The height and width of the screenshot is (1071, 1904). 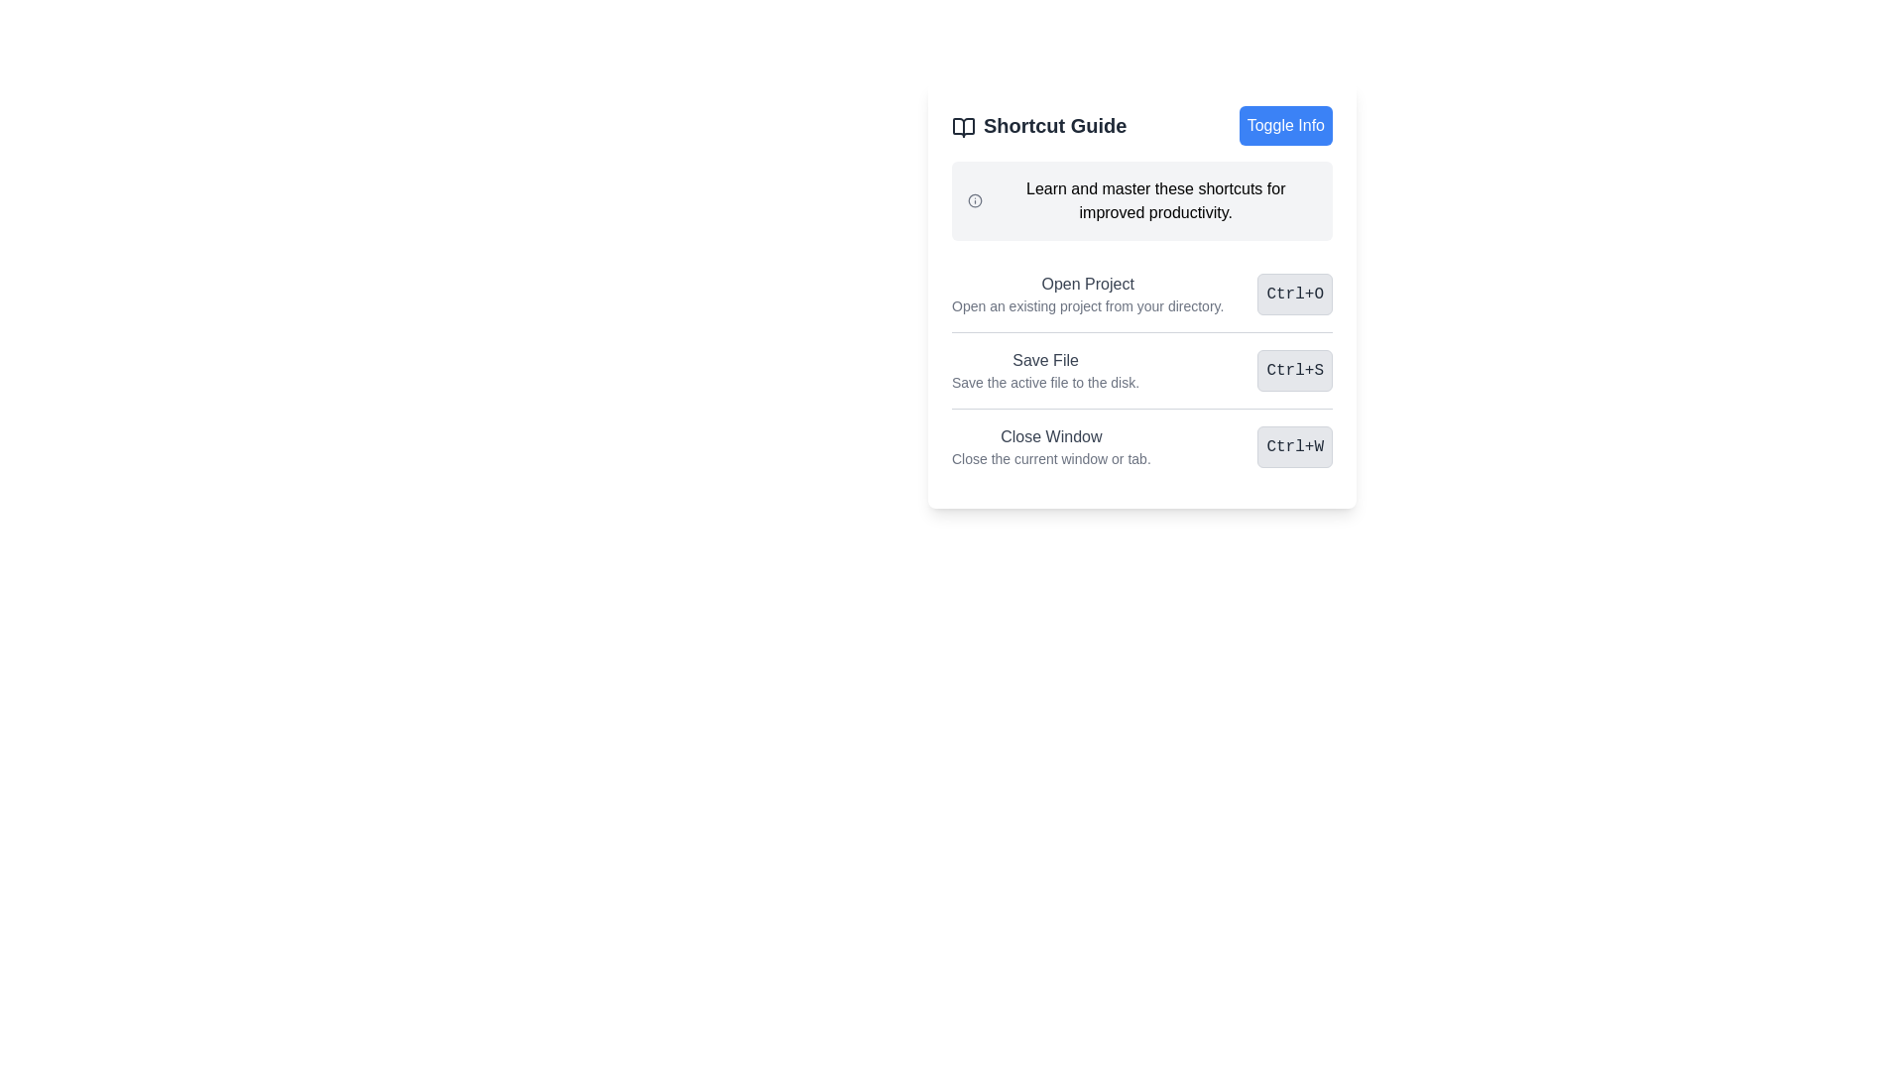 What do you see at coordinates (963, 126) in the screenshot?
I see `the small open book icon located to the left of the 'Shortcut Guide' text element in the upper-left area of the popup interface` at bounding box center [963, 126].